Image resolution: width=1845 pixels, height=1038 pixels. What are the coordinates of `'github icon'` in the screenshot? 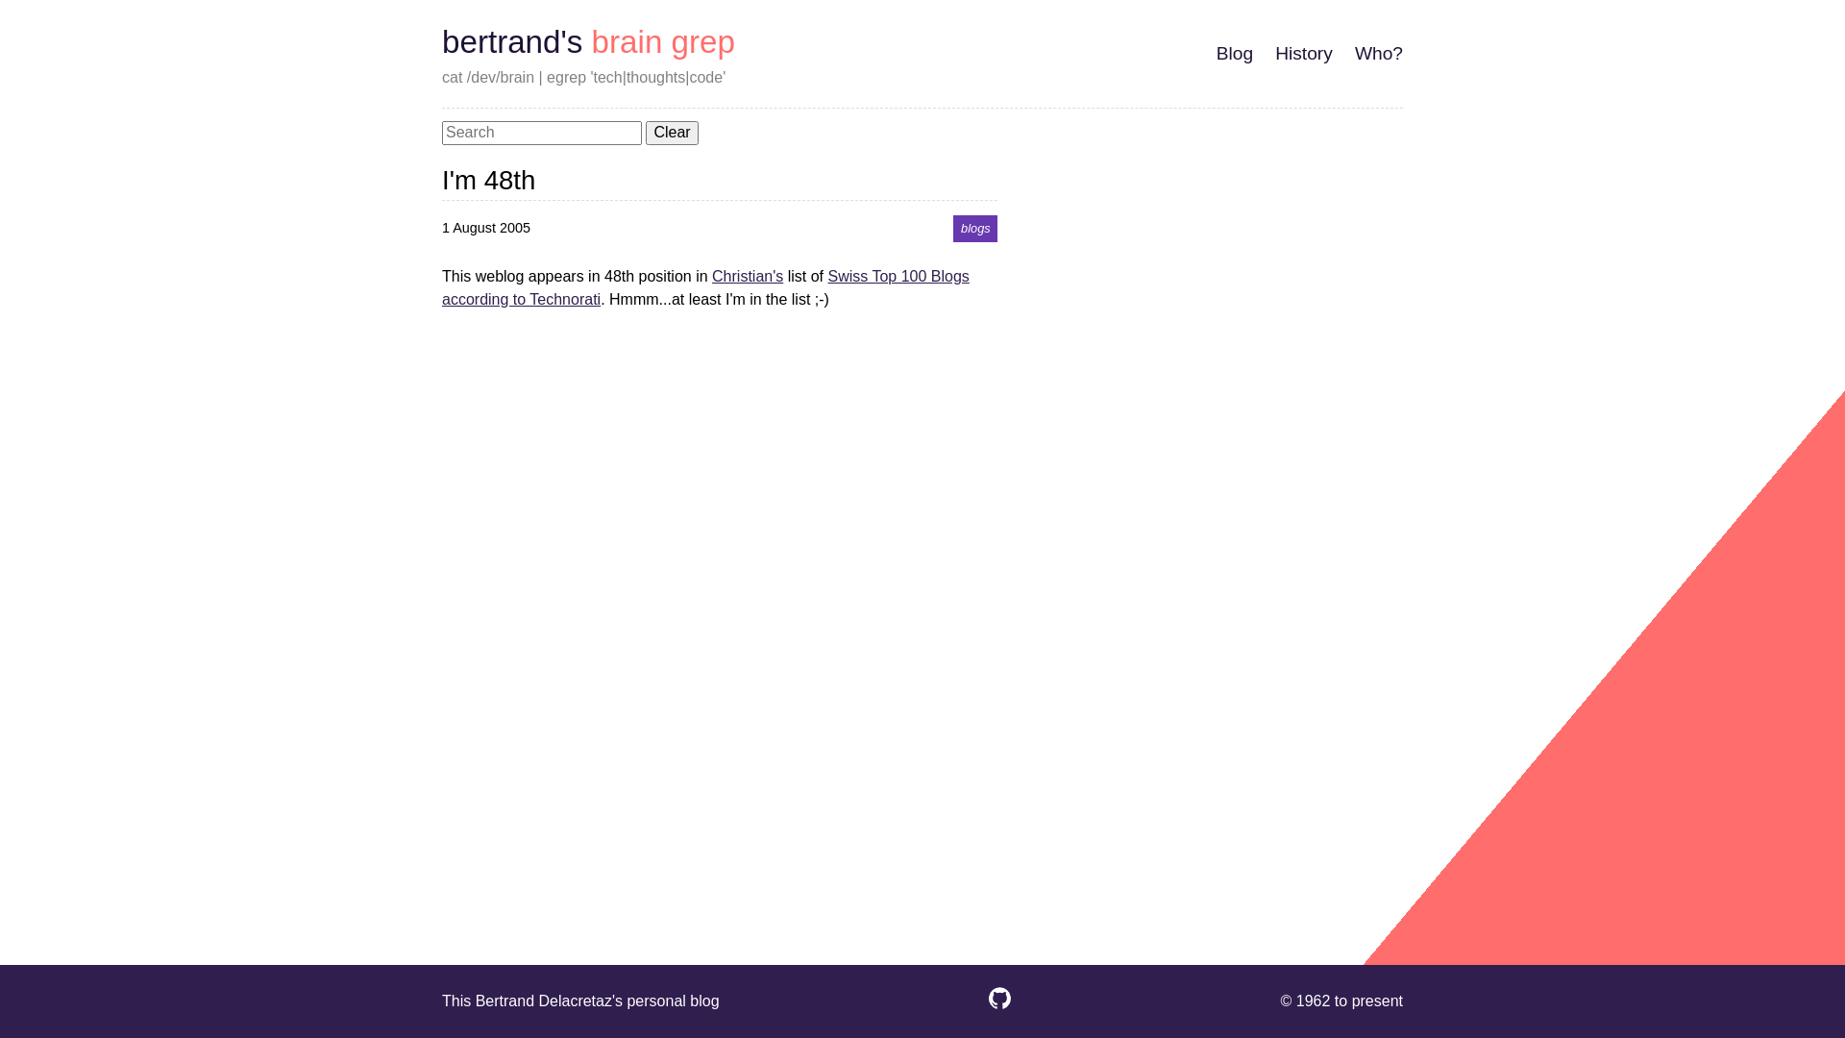 It's located at (999, 1007).